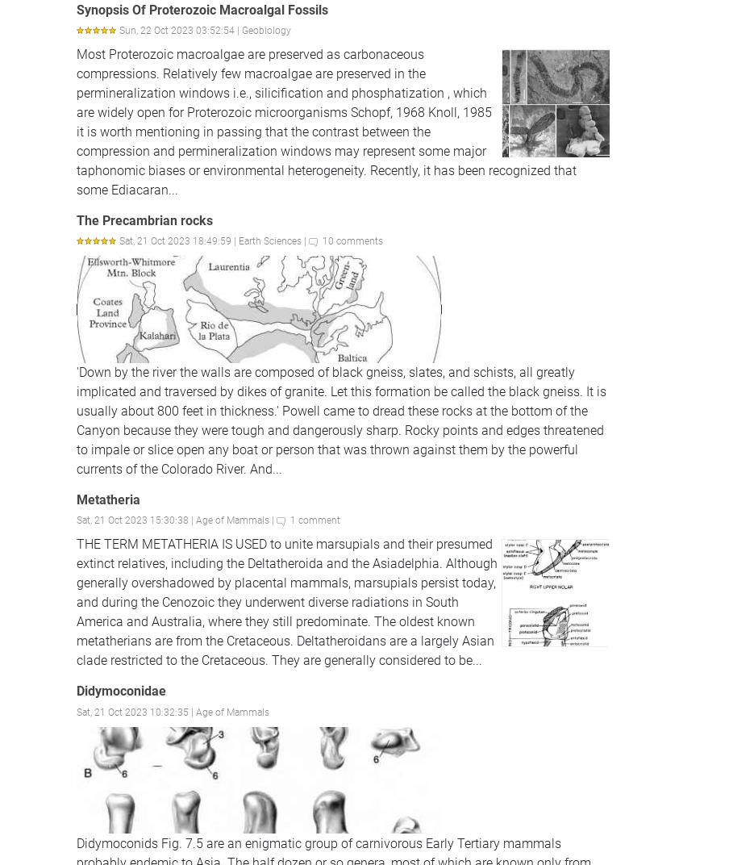  What do you see at coordinates (270, 240) in the screenshot?
I see `'Earth Sciences'` at bounding box center [270, 240].